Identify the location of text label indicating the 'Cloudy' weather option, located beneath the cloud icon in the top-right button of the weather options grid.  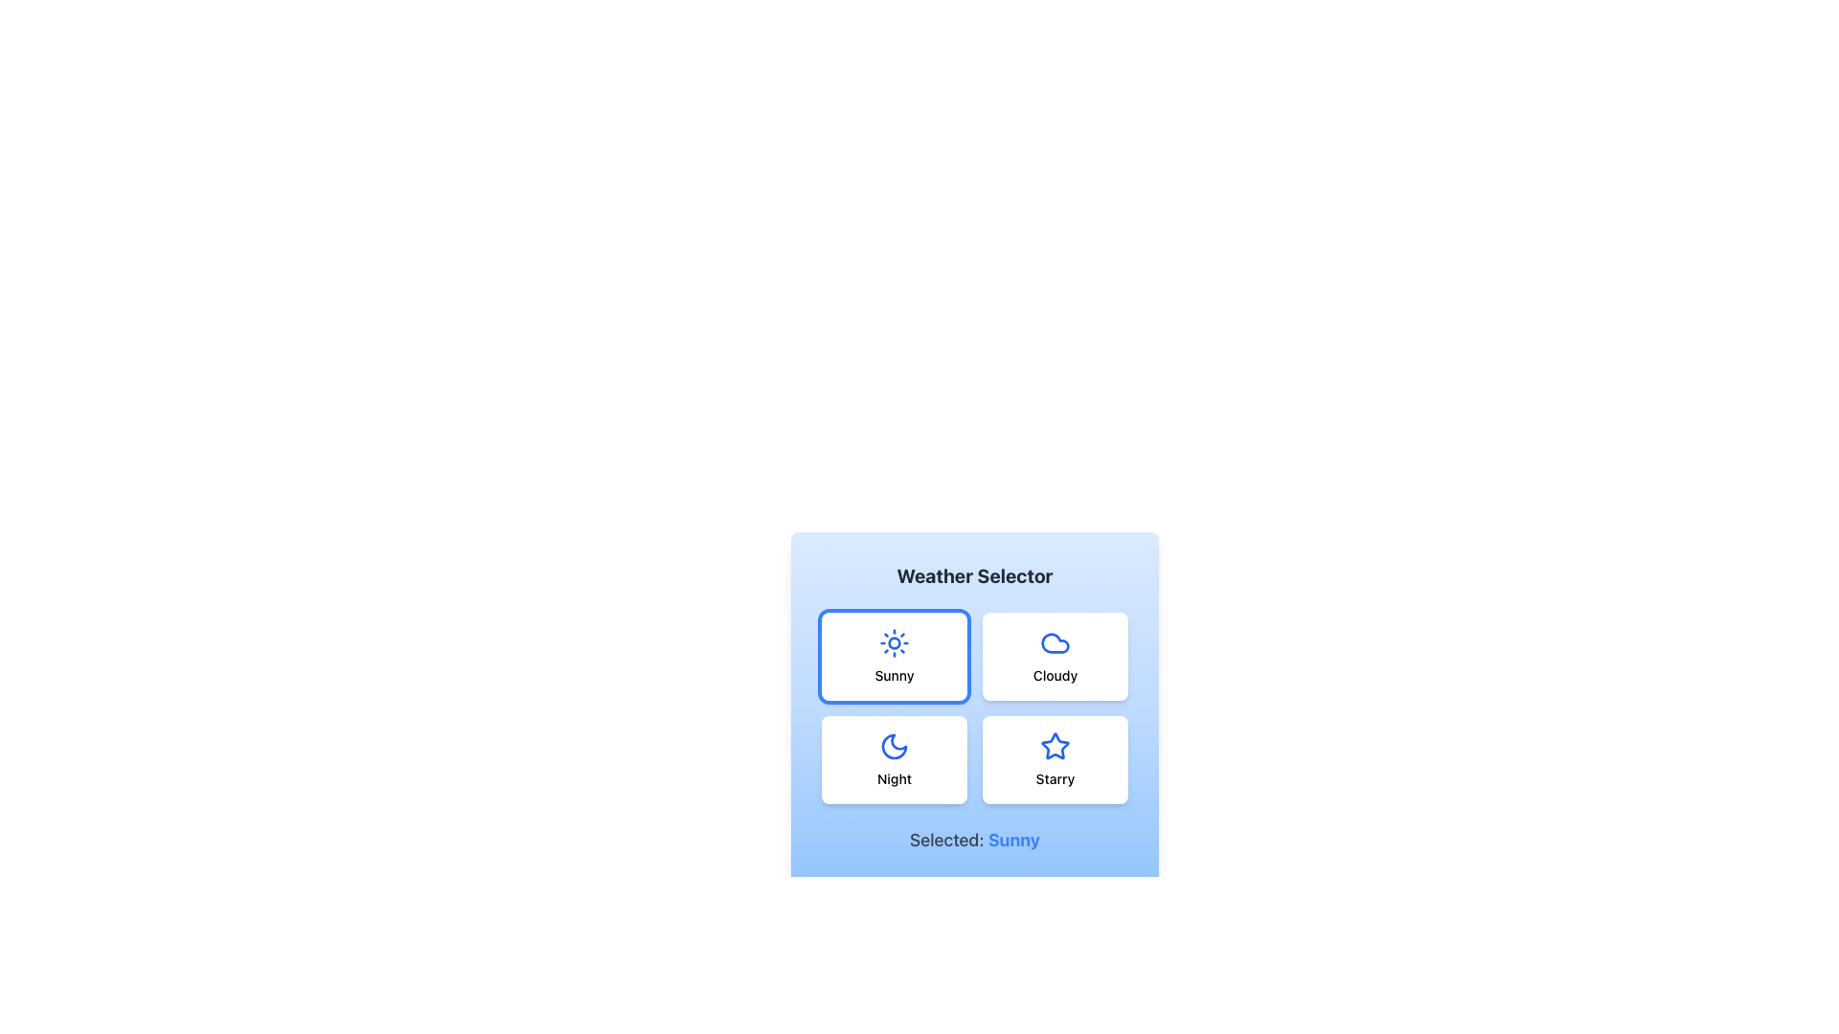
(1055, 674).